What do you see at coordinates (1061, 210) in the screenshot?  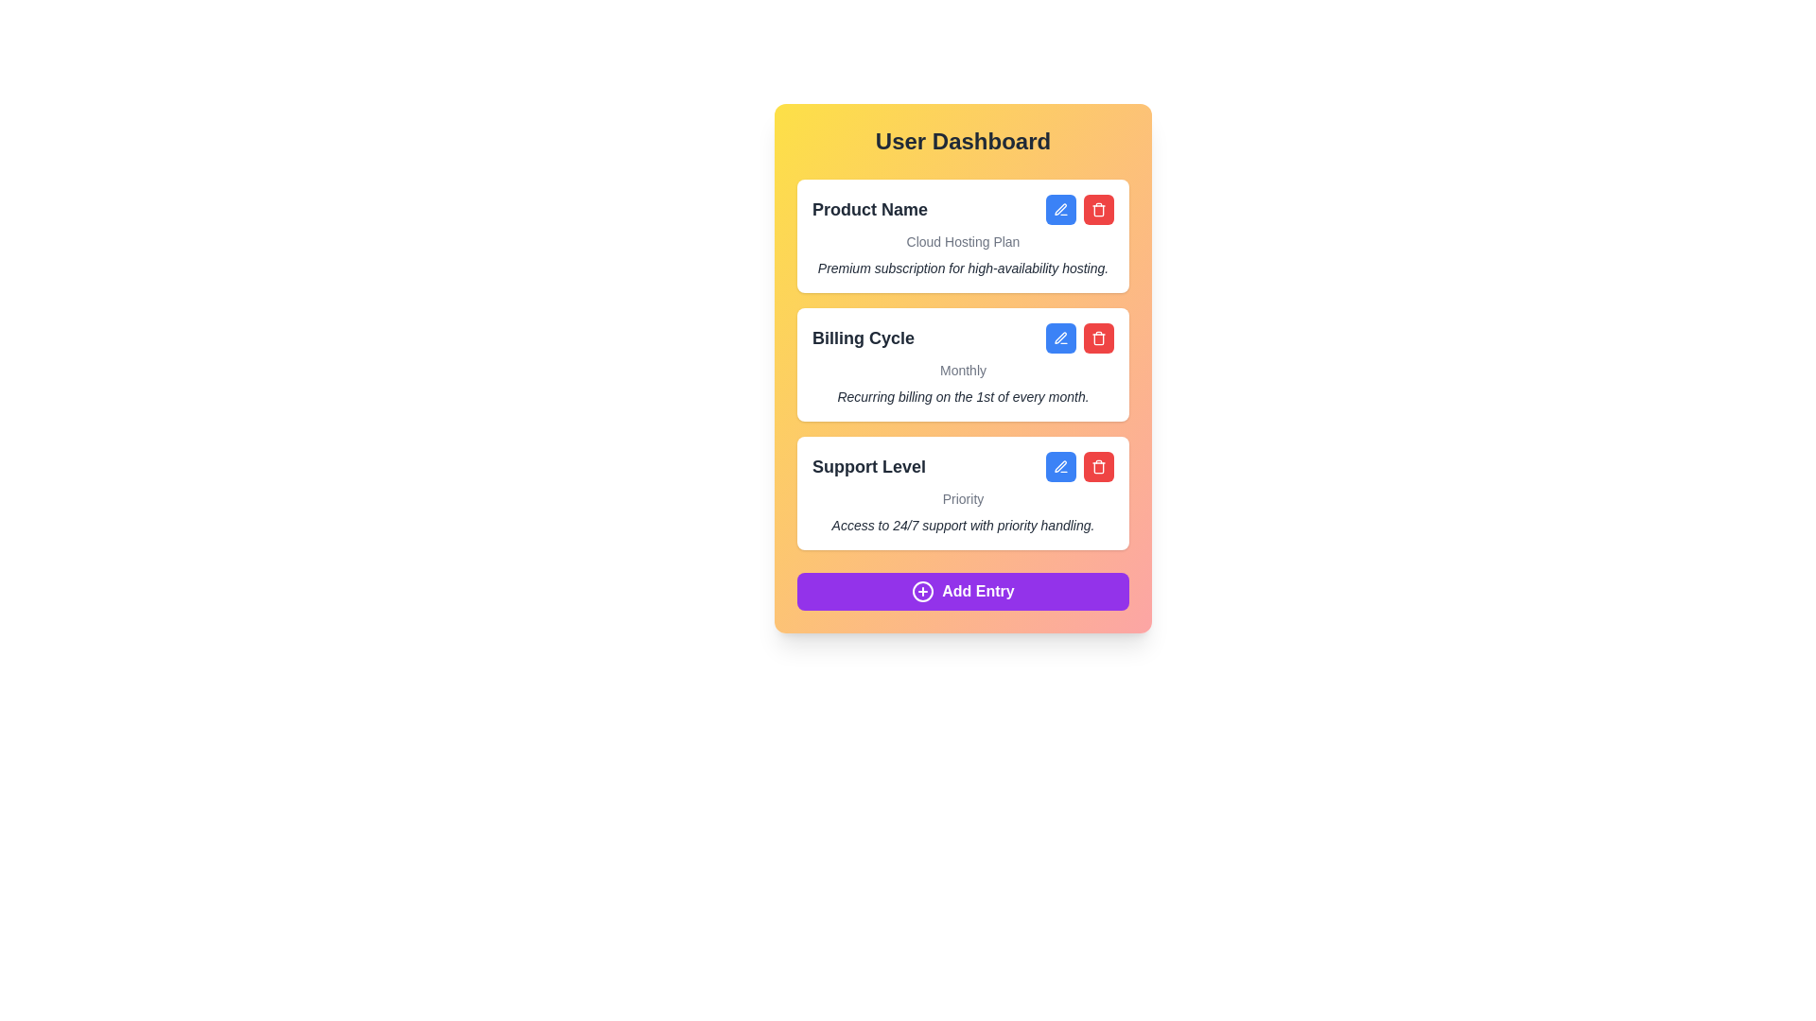 I see `the 'edit' button` at bounding box center [1061, 210].